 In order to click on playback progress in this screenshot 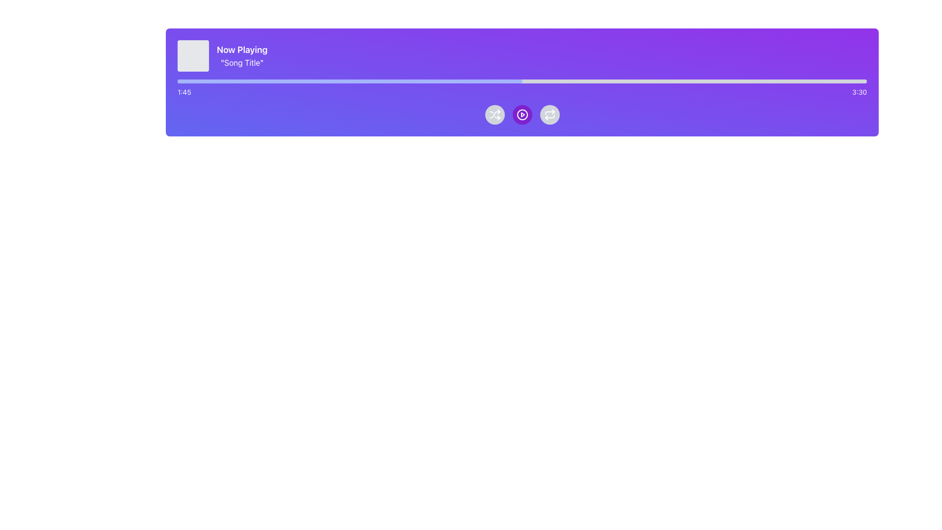, I will do `click(350, 80)`.